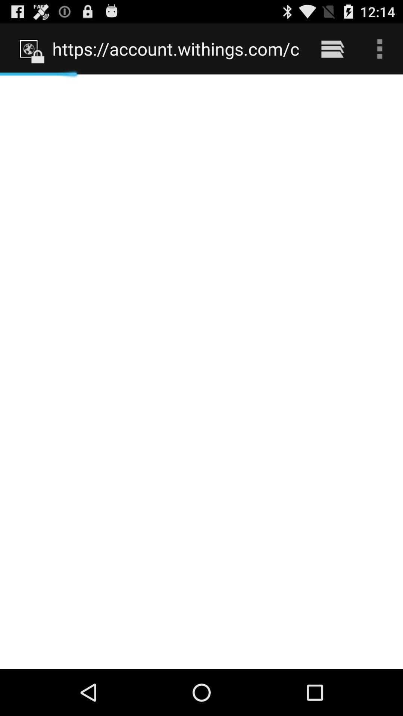 The height and width of the screenshot is (716, 403). What do you see at coordinates (332, 48) in the screenshot?
I see `icon to the right of https account withings` at bounding box center [332, 48].